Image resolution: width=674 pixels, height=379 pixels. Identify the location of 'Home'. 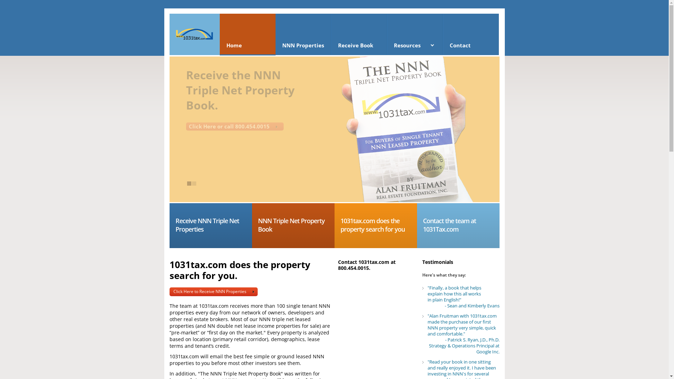
(247, 34).